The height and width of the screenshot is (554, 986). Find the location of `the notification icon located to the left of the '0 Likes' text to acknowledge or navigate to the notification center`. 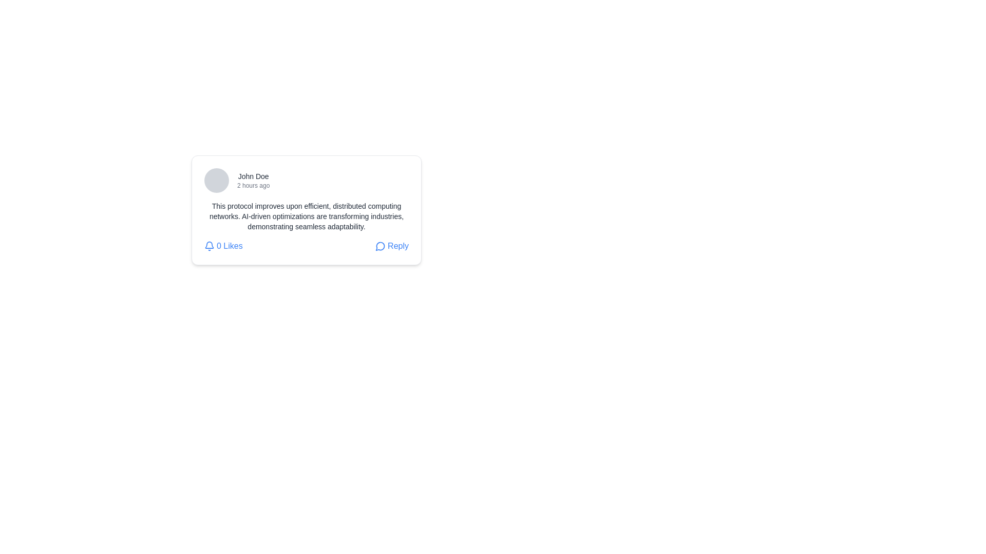

the notification icon located to the left of the '0 Likes' text to acknowledge or navigate to the notification center is located at coordinates (209, 246).